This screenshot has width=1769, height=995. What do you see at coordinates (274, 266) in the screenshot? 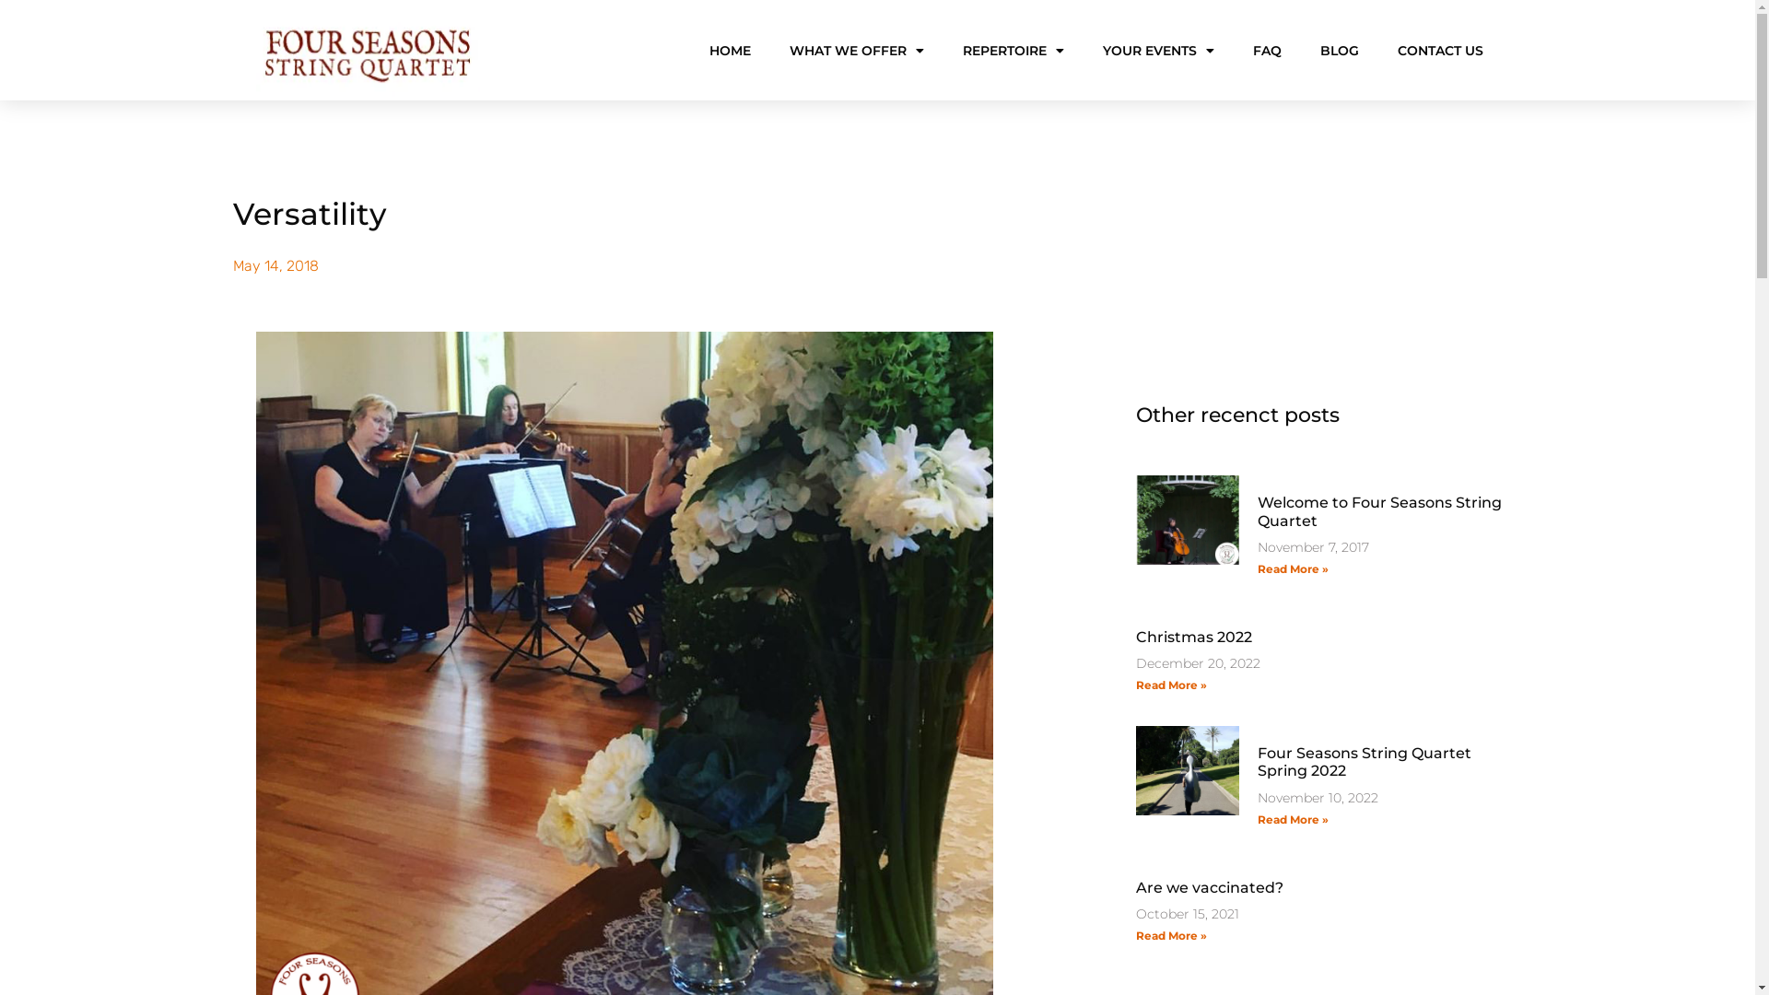
I see `'May 14, 2018'` at bounding box center [274, 266].